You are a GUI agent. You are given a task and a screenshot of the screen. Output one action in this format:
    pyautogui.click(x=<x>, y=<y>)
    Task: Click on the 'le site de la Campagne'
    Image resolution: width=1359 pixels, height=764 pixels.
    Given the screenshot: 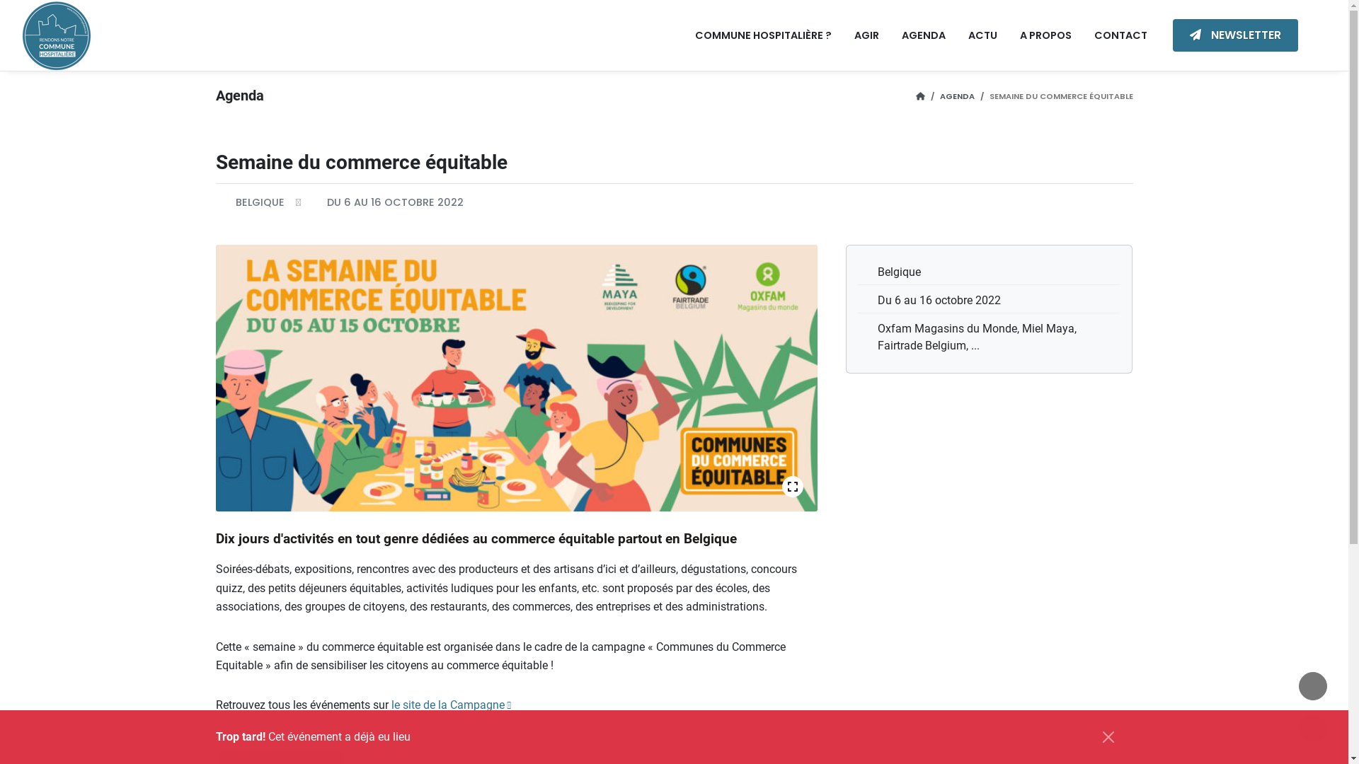 What is the action you would take?
    pyautogui.click(x=449, y=705)
    